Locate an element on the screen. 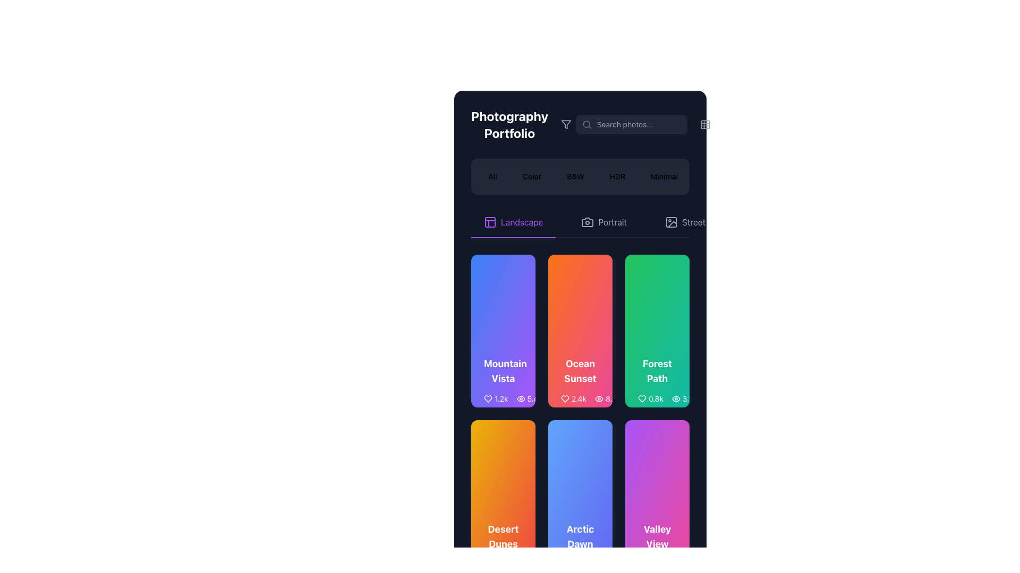 The height and width of the screenshot is (573, 1020). the rounded rectangle element that is centrally positioned within the photo frame icon is located at coordinates (670, 222).